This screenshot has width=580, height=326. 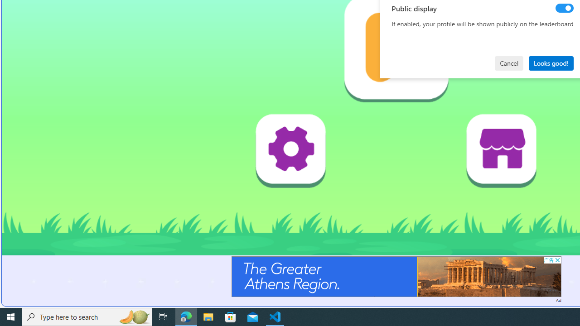 I want to click on 'Advertisement', so click(x=396, y=276).